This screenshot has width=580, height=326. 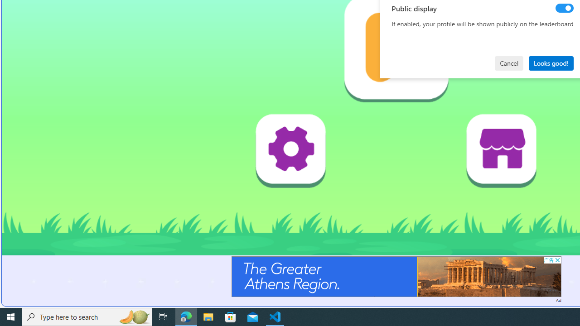 I want to click on 'Advertisement', so click(x=396, y=276).